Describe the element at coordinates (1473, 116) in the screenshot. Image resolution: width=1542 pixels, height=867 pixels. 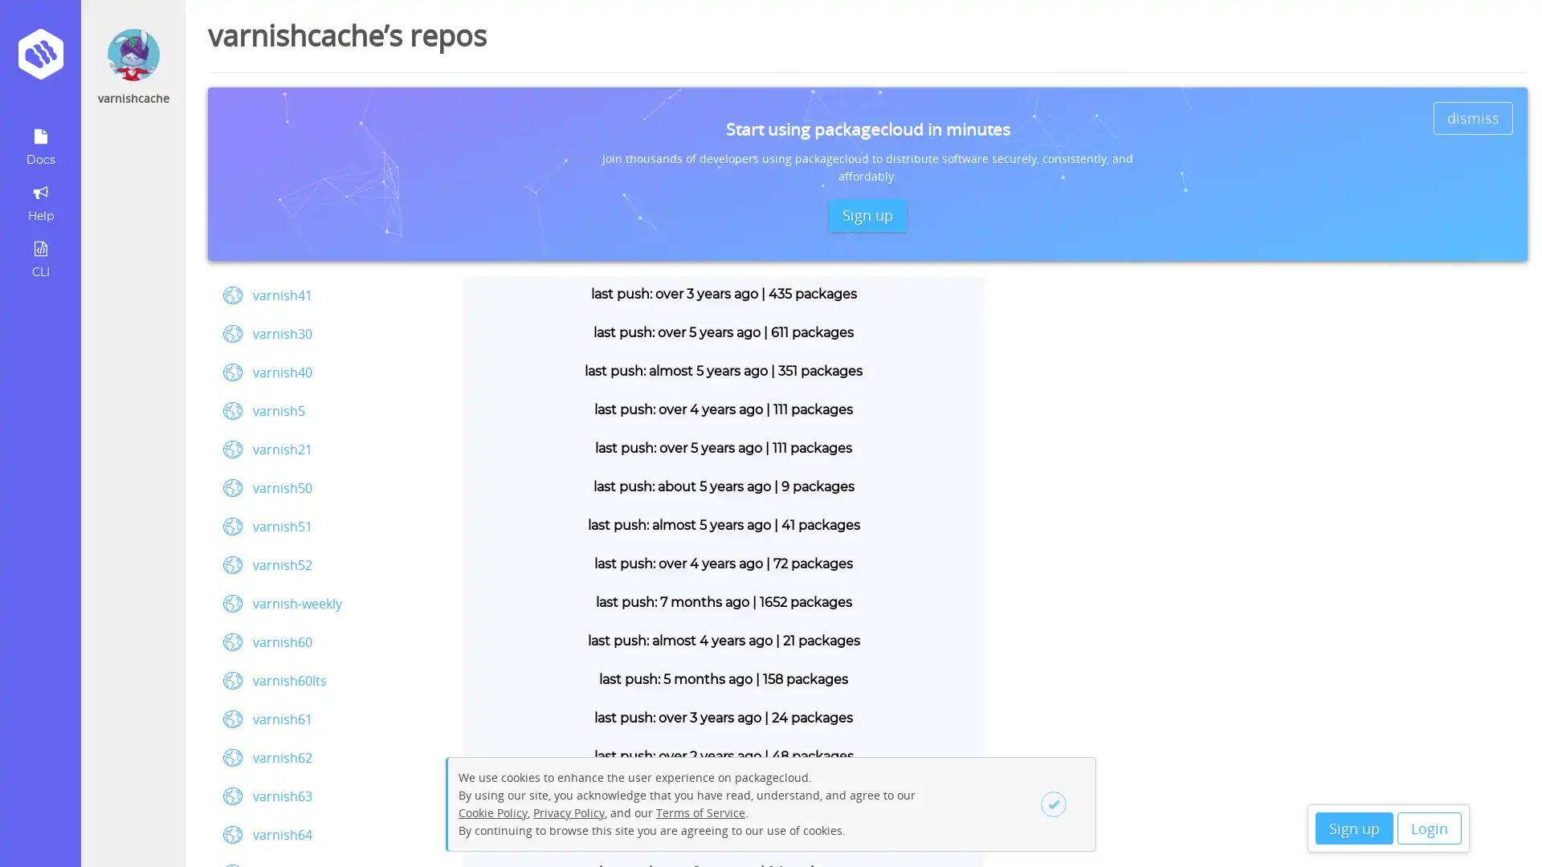
I see `dismiss` at that location.